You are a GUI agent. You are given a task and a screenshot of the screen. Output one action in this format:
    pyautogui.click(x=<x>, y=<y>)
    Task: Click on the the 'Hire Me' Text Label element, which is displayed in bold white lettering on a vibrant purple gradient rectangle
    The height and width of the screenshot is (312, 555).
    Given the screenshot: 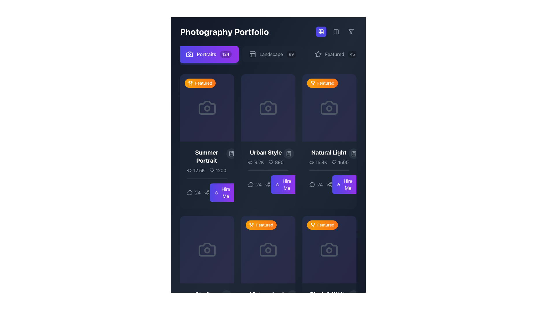 What is the action you would take?
    pyautogui.click(x=287, y=185)
    